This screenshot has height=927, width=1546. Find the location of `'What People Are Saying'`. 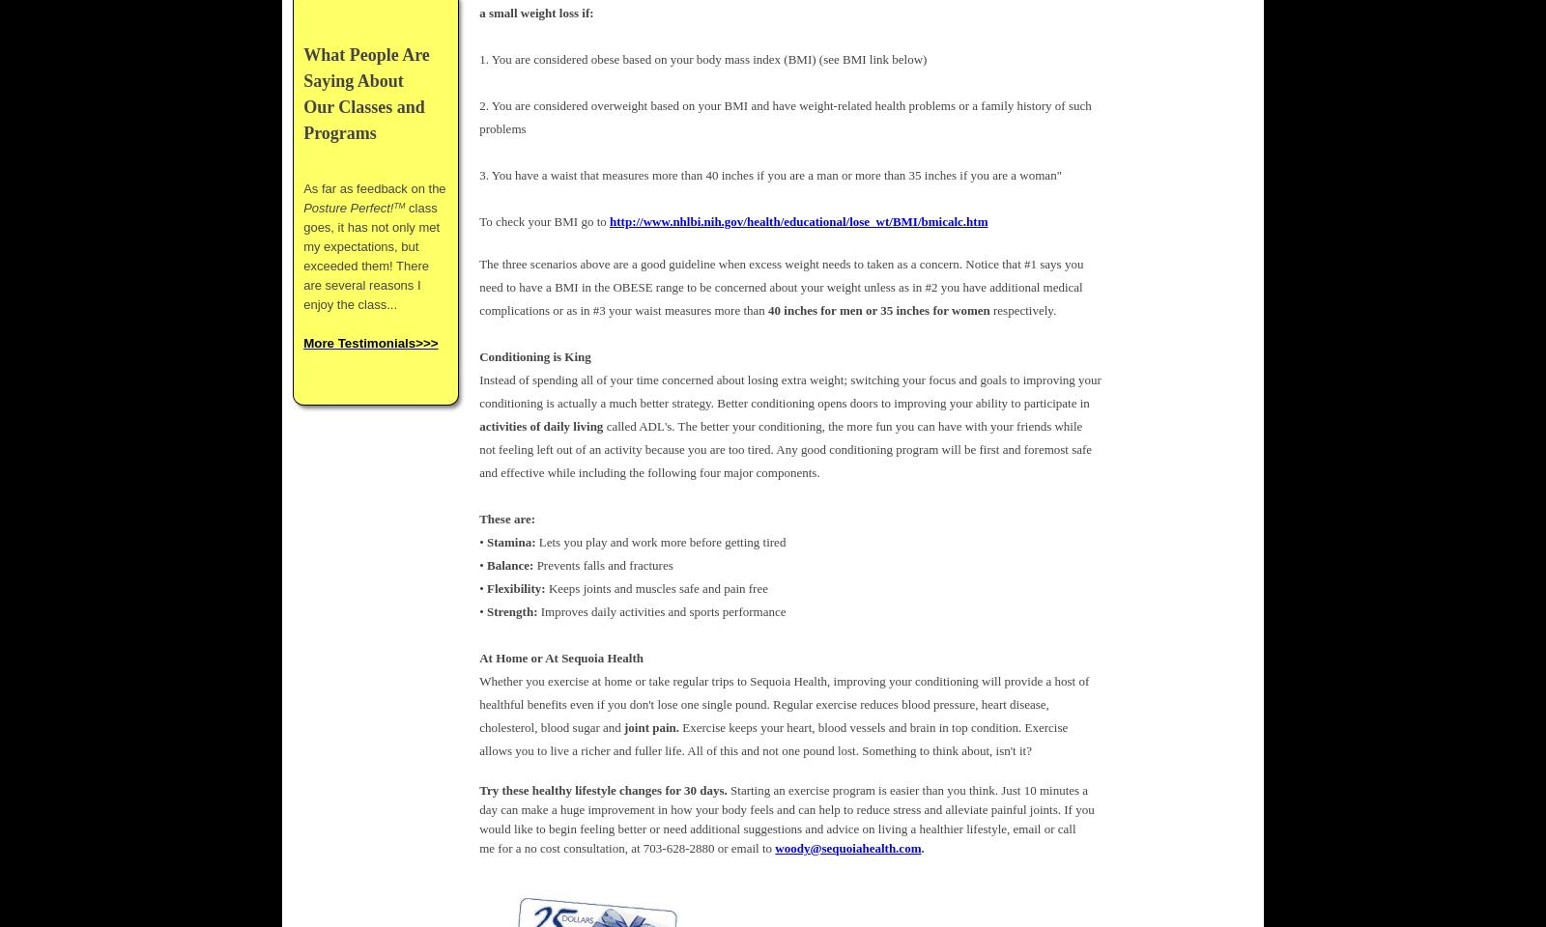

'What People Are Saying' is located at coordinates (366, 68).